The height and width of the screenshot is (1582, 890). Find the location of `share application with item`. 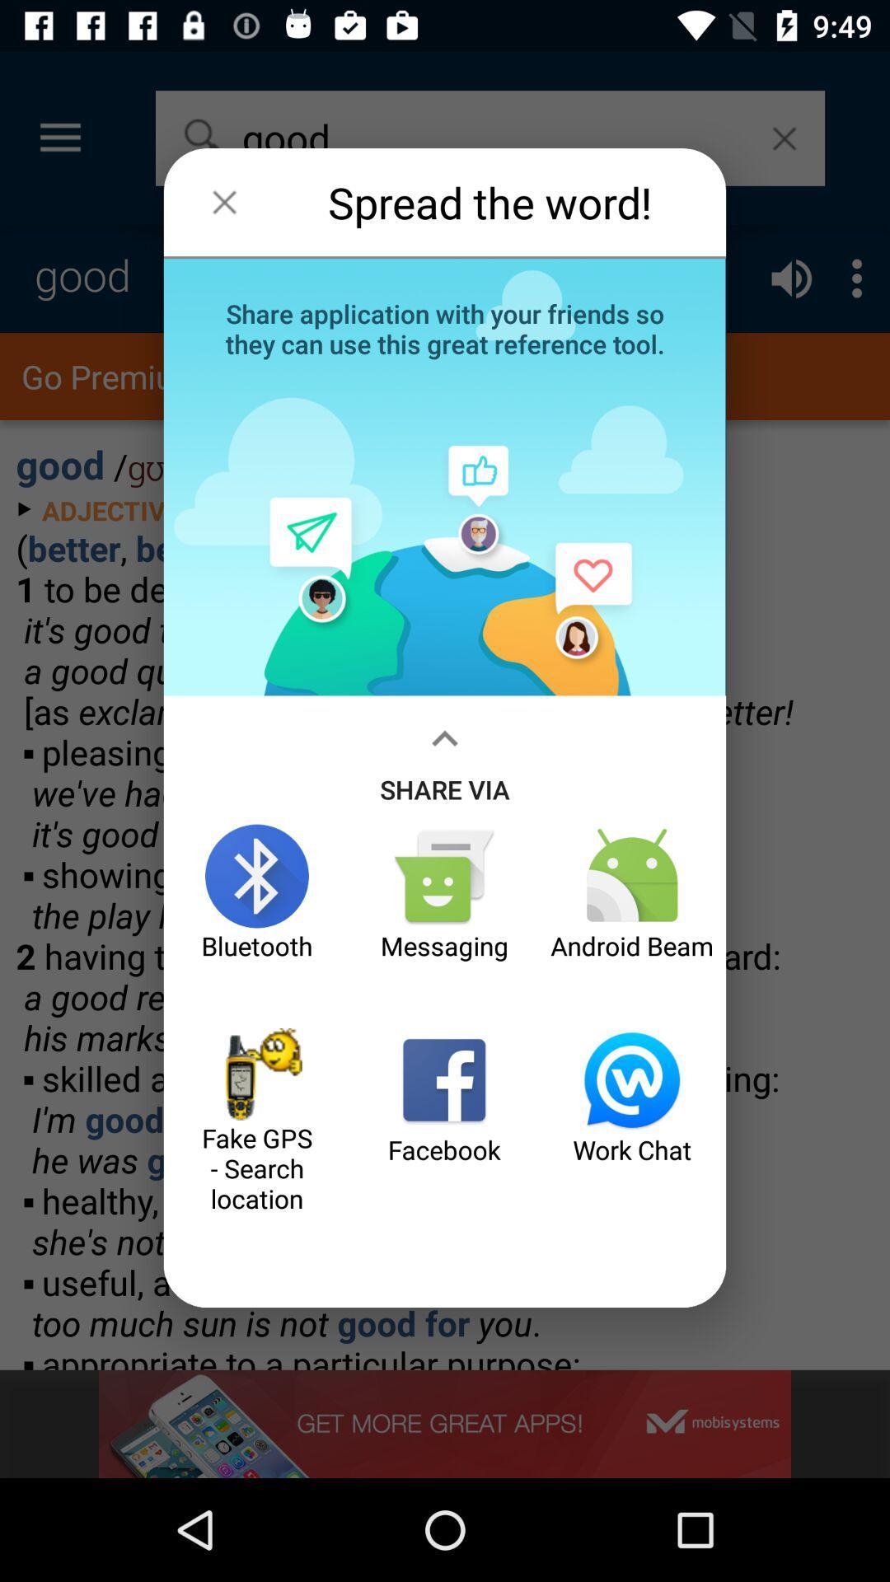

share application with item is located at coordinates (445, 327).